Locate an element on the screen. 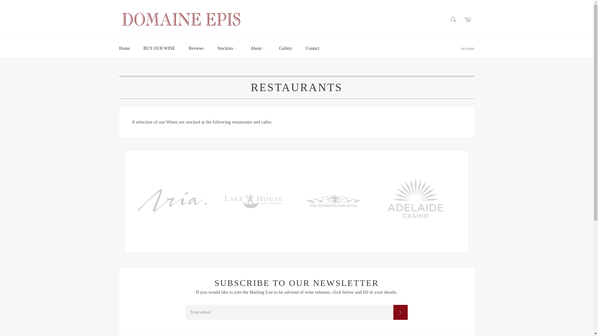 The width and height of the screenshot is (598, 336). 'Reviews' is located at coordinates (196, 48).